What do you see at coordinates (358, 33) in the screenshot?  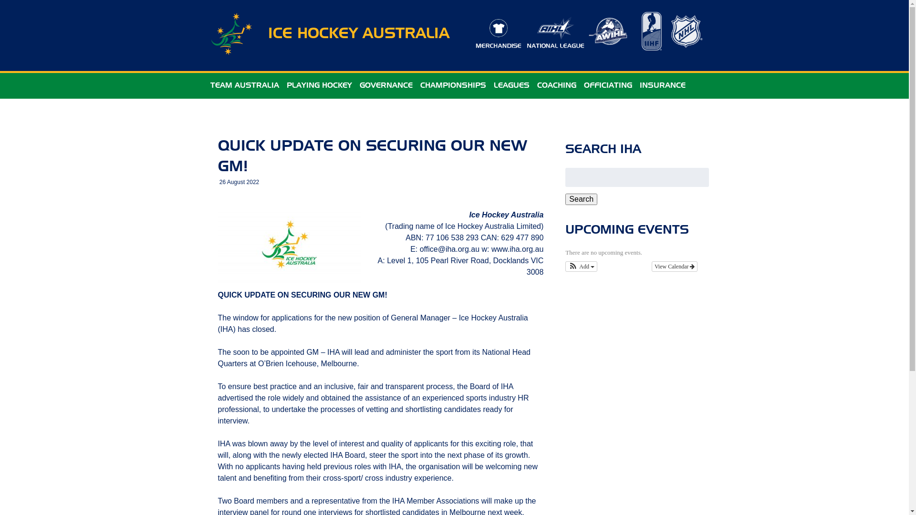 I see `'ICE HOCKEY AUSTRALIA'` at bounding box center [358, 33].